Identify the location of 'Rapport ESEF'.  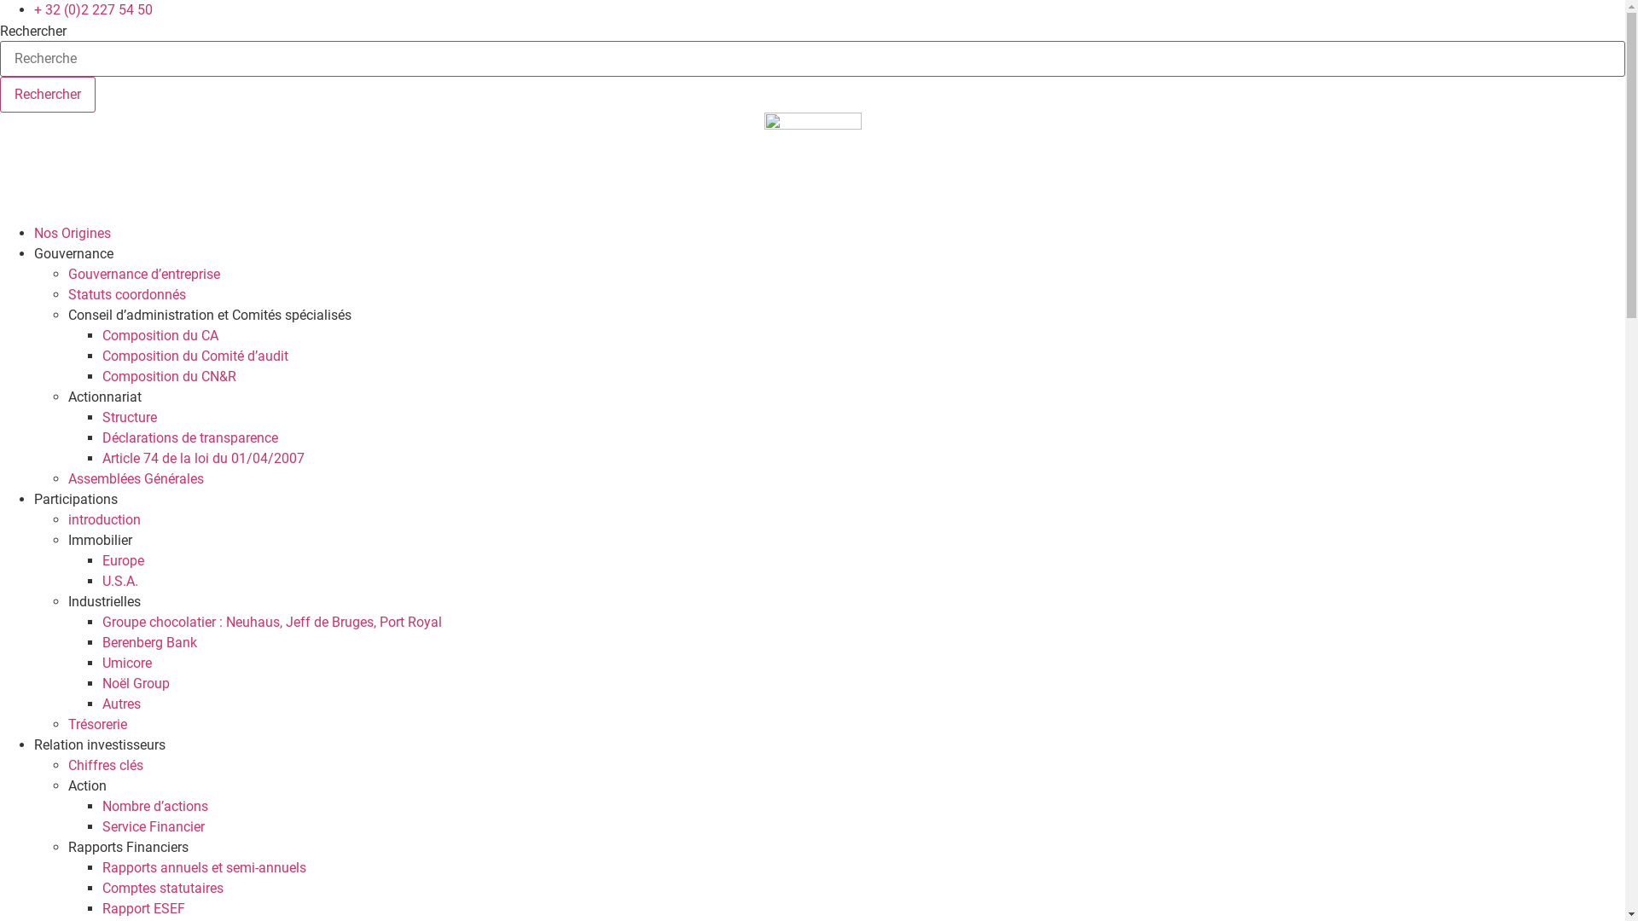
(143, 907).